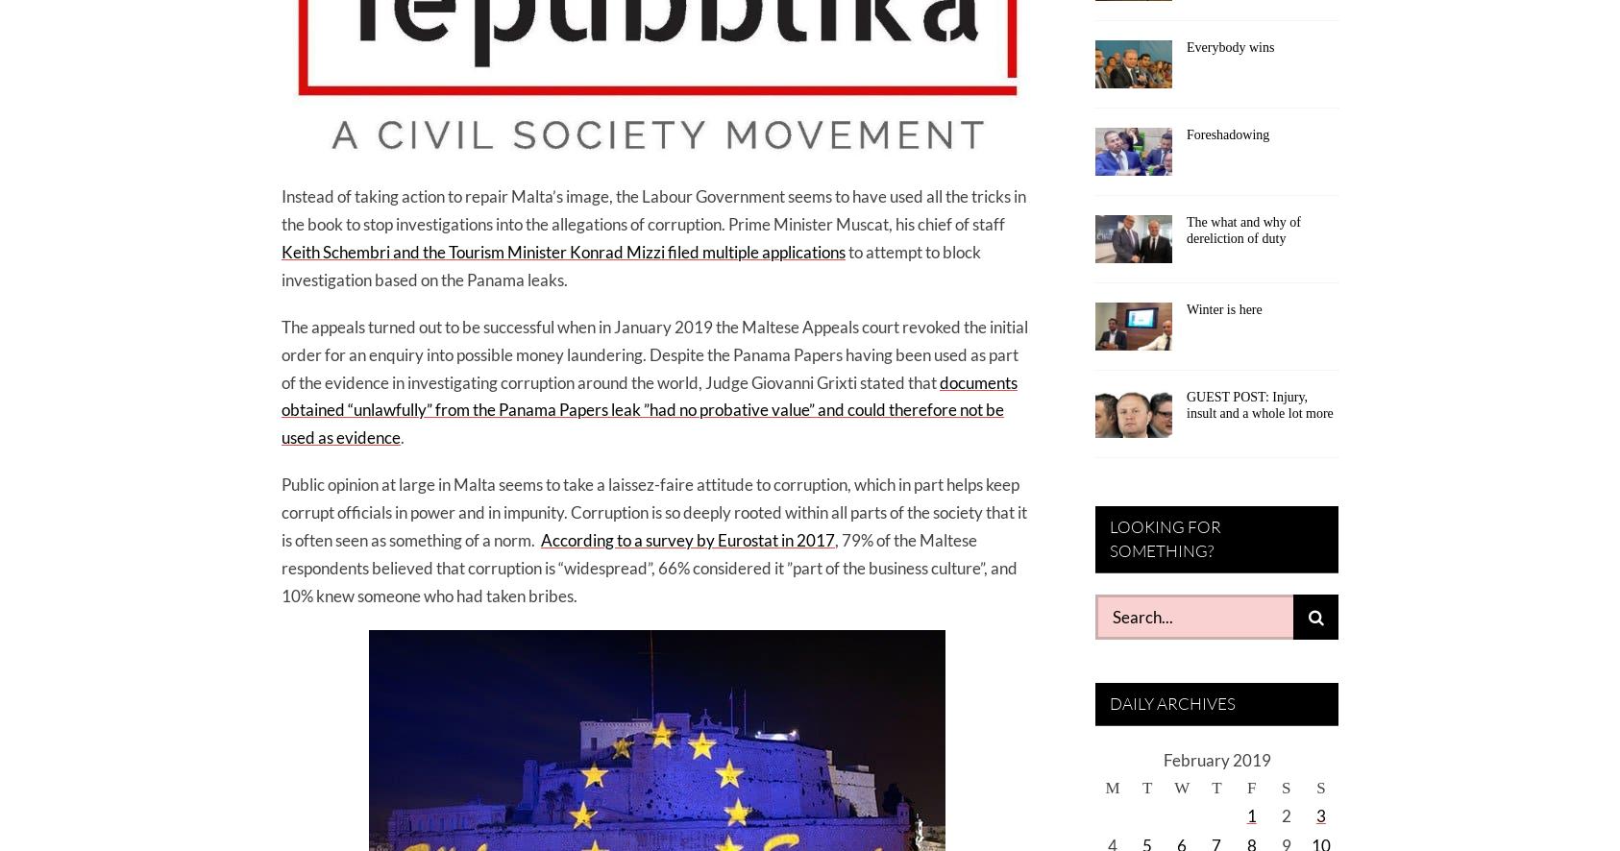 Image resolution: width=1620 pixels, height=851 pixels. I want to click on 'Keith Schembri and the Tourism Minister Konrad Mizzi filed multiple applications', so click(562, 251).